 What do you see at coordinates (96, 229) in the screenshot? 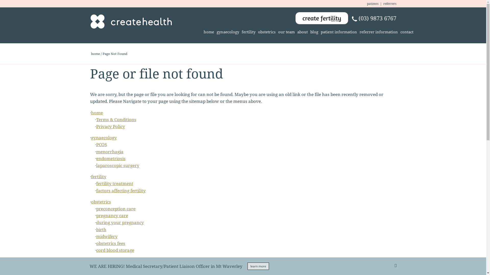
I see `'birth'` at bounding box center [96, 229].